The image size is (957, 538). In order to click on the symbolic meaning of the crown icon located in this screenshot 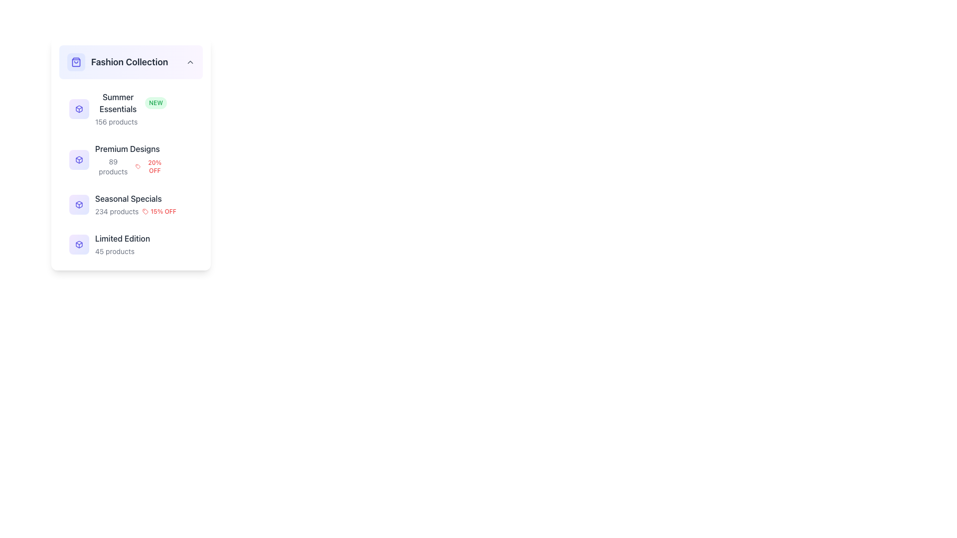, I will do `click(173, 244)`.